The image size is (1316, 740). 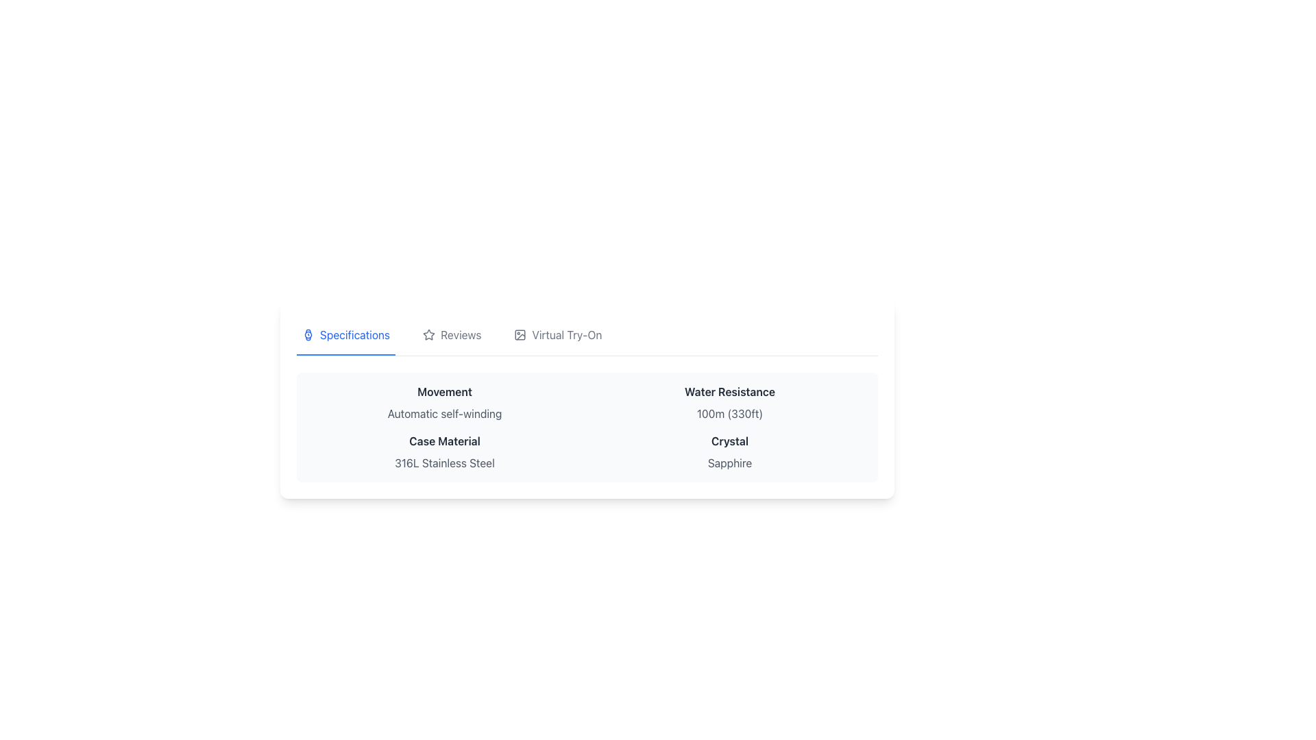 What do you see at coordinates (461, 335) in the screenshot?
I see `the 'Reviews' text label within the navigation tab, which is styled in gray and positioned between a star icon and the 'Virtual Try-On' tab` at bounding box center [461, 335].